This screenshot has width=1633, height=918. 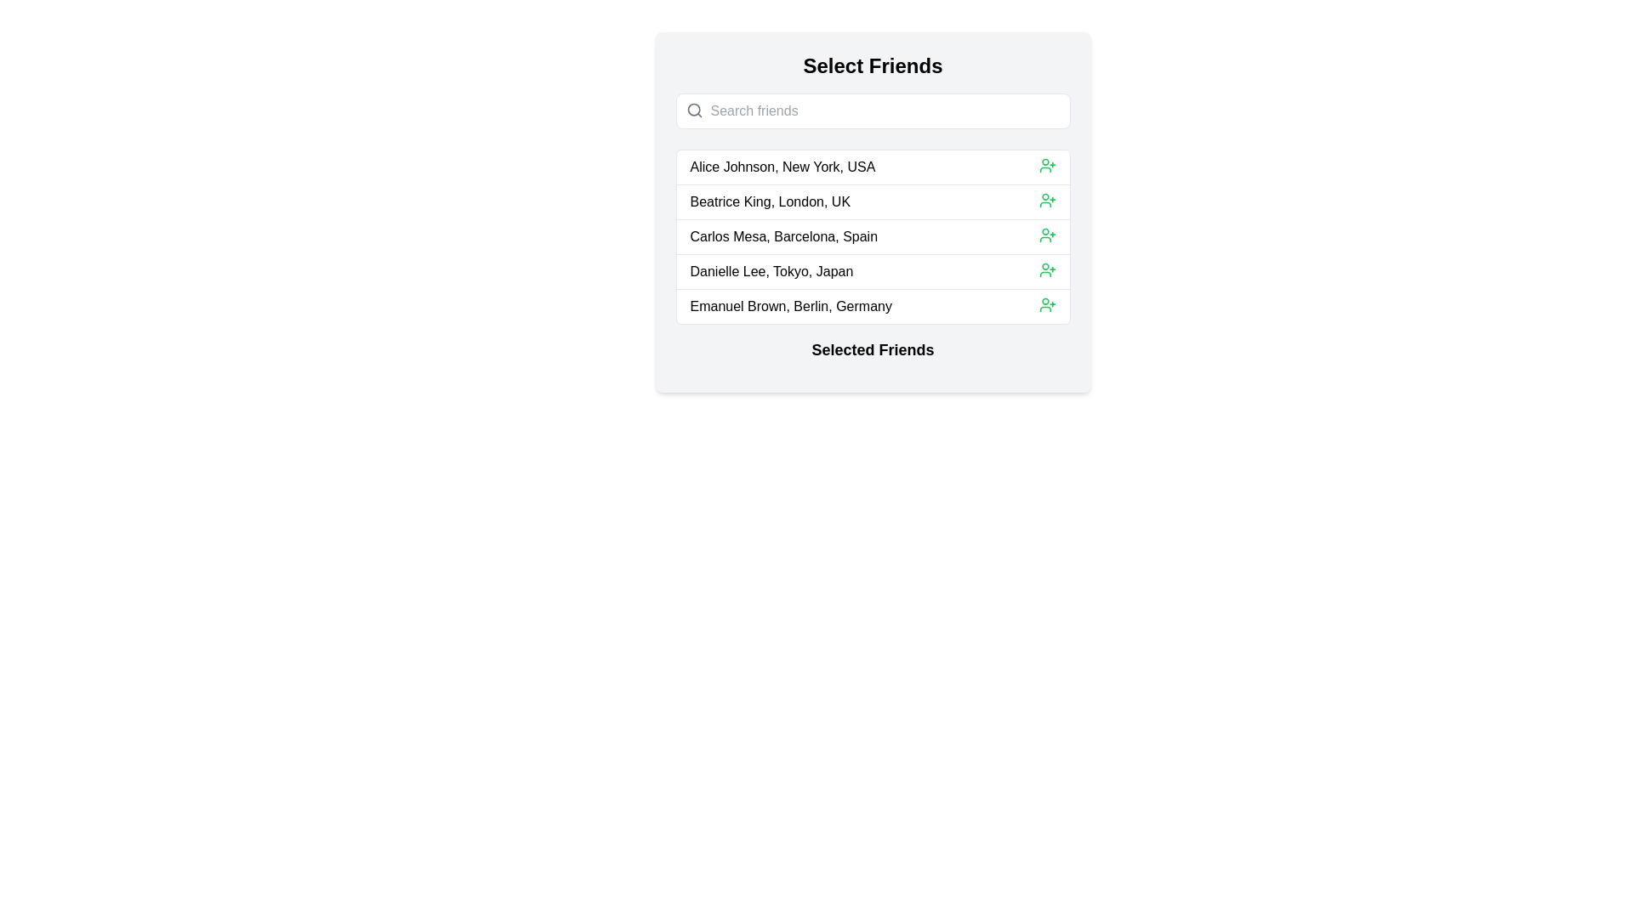 I want to click on the text label displaying 'Carlos Mesa, Barcelona, Spain', which is located in the third row of the list interface, so click(x=782, y=236).